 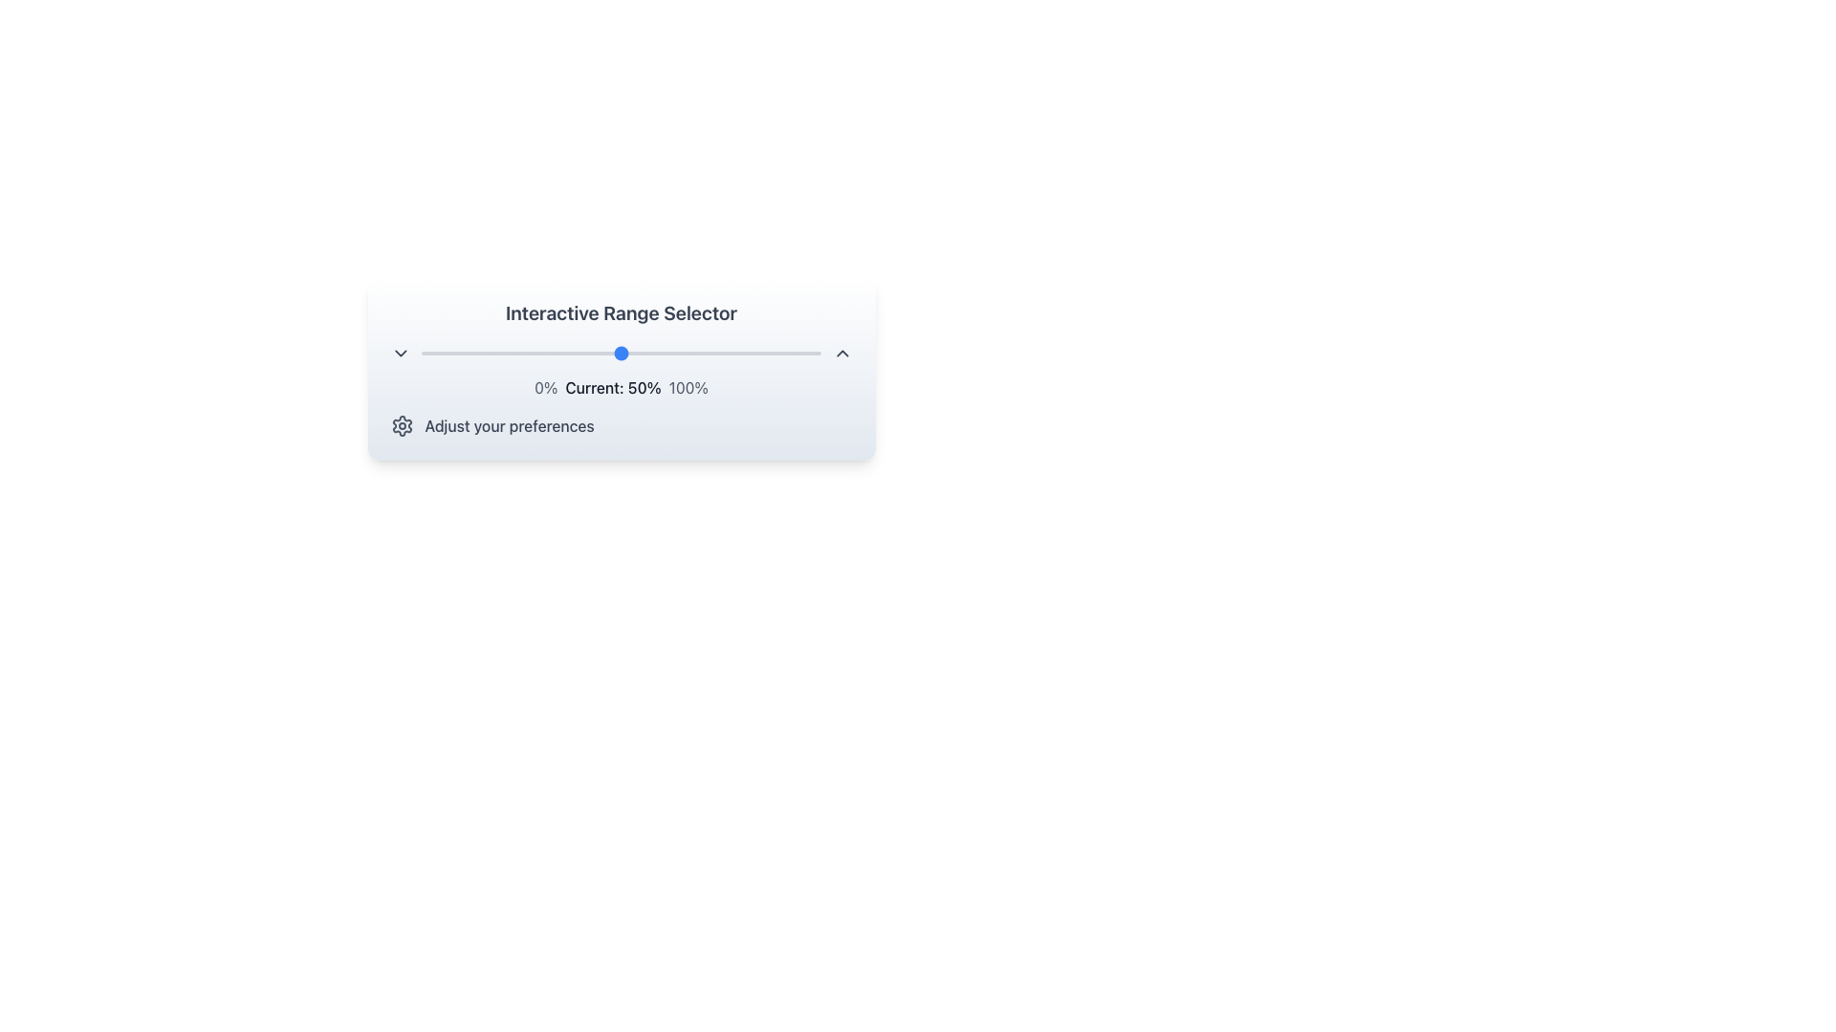 I want to click on the slider value, so click(x=809, y=354).